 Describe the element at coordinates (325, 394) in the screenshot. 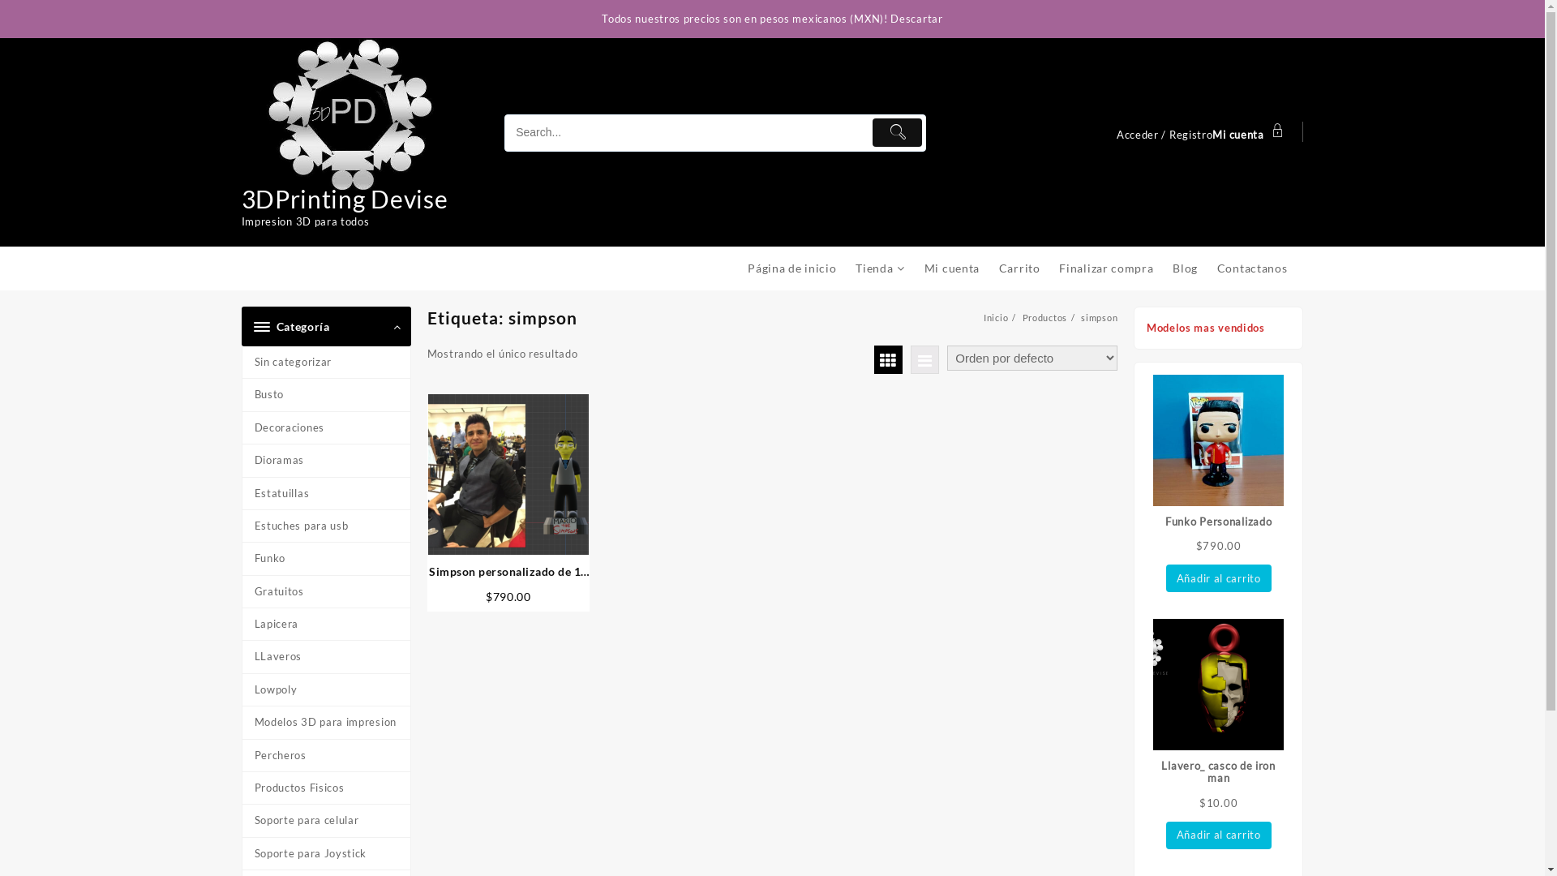

I see `'Busto'` at that location.